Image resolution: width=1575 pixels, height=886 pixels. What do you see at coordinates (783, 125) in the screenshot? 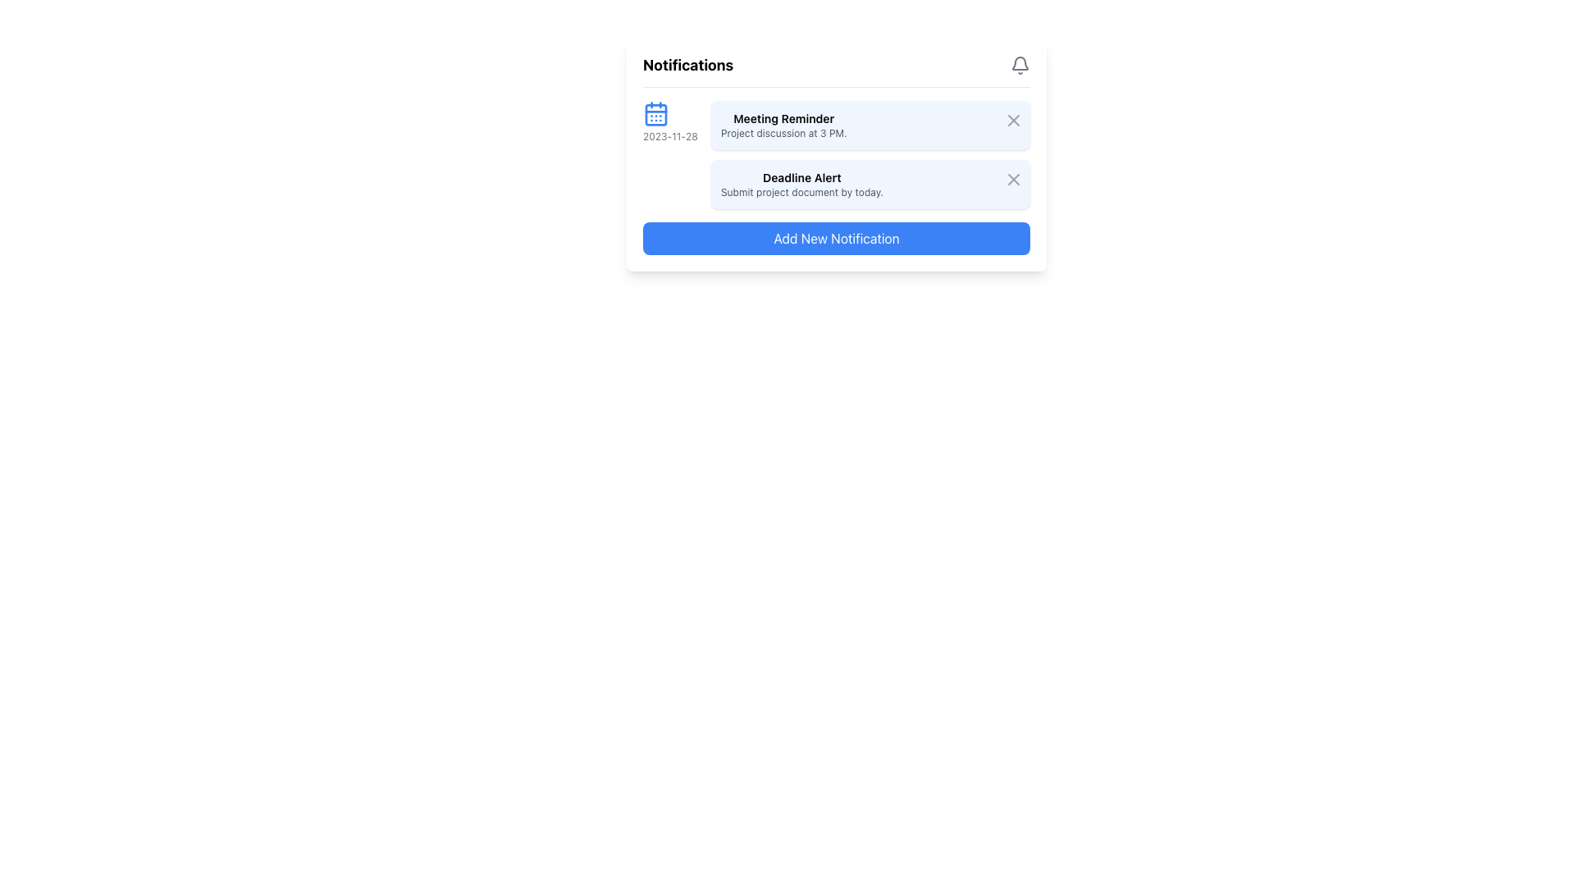
I see `notification details of the first notification in the notification list, which displays a bold title 'Meeting Reminder' and lighter-text details saying 'Project discussion at 3 PM.'` at bounding box center [783, 125].